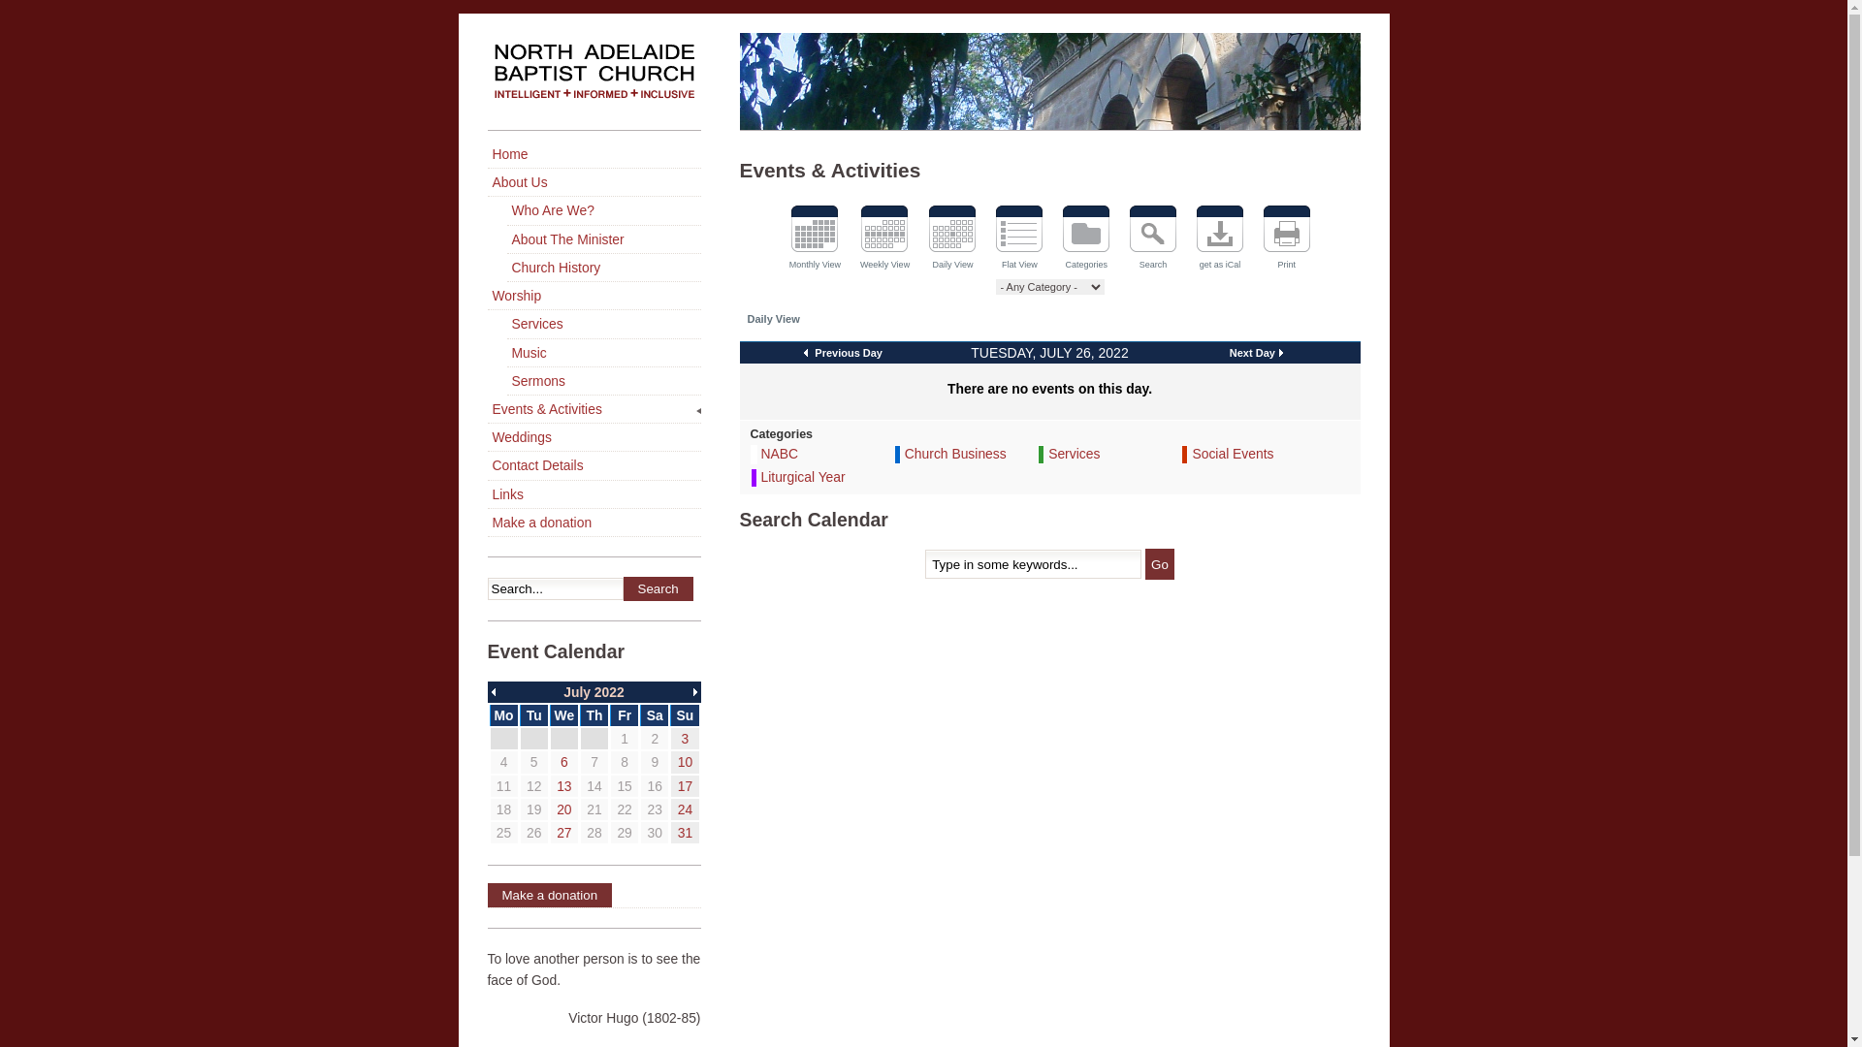 The width and height of the screenshot is (1862, 1047). Describe the element at coordinates (592, 296) in the screenshot. I see `'Worship'` at that location.